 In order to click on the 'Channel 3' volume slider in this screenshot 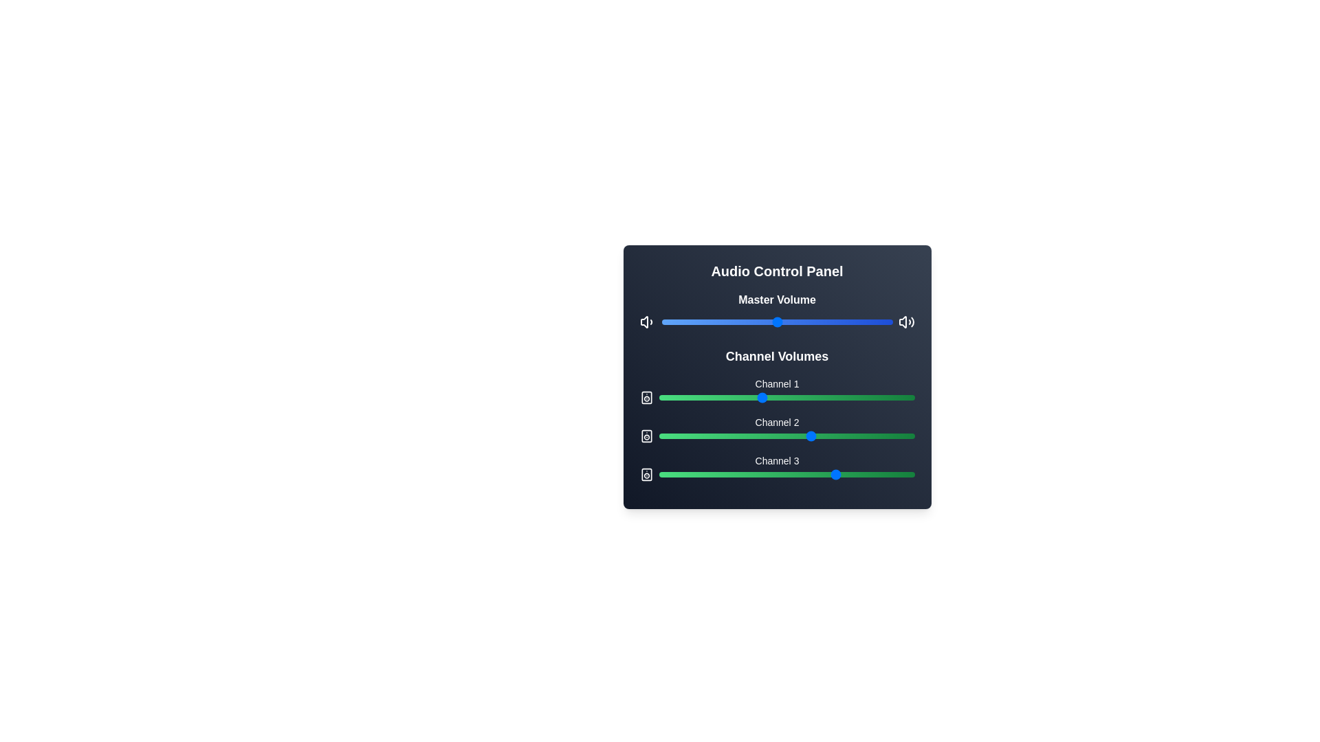, I will do `click(807, 471)`.